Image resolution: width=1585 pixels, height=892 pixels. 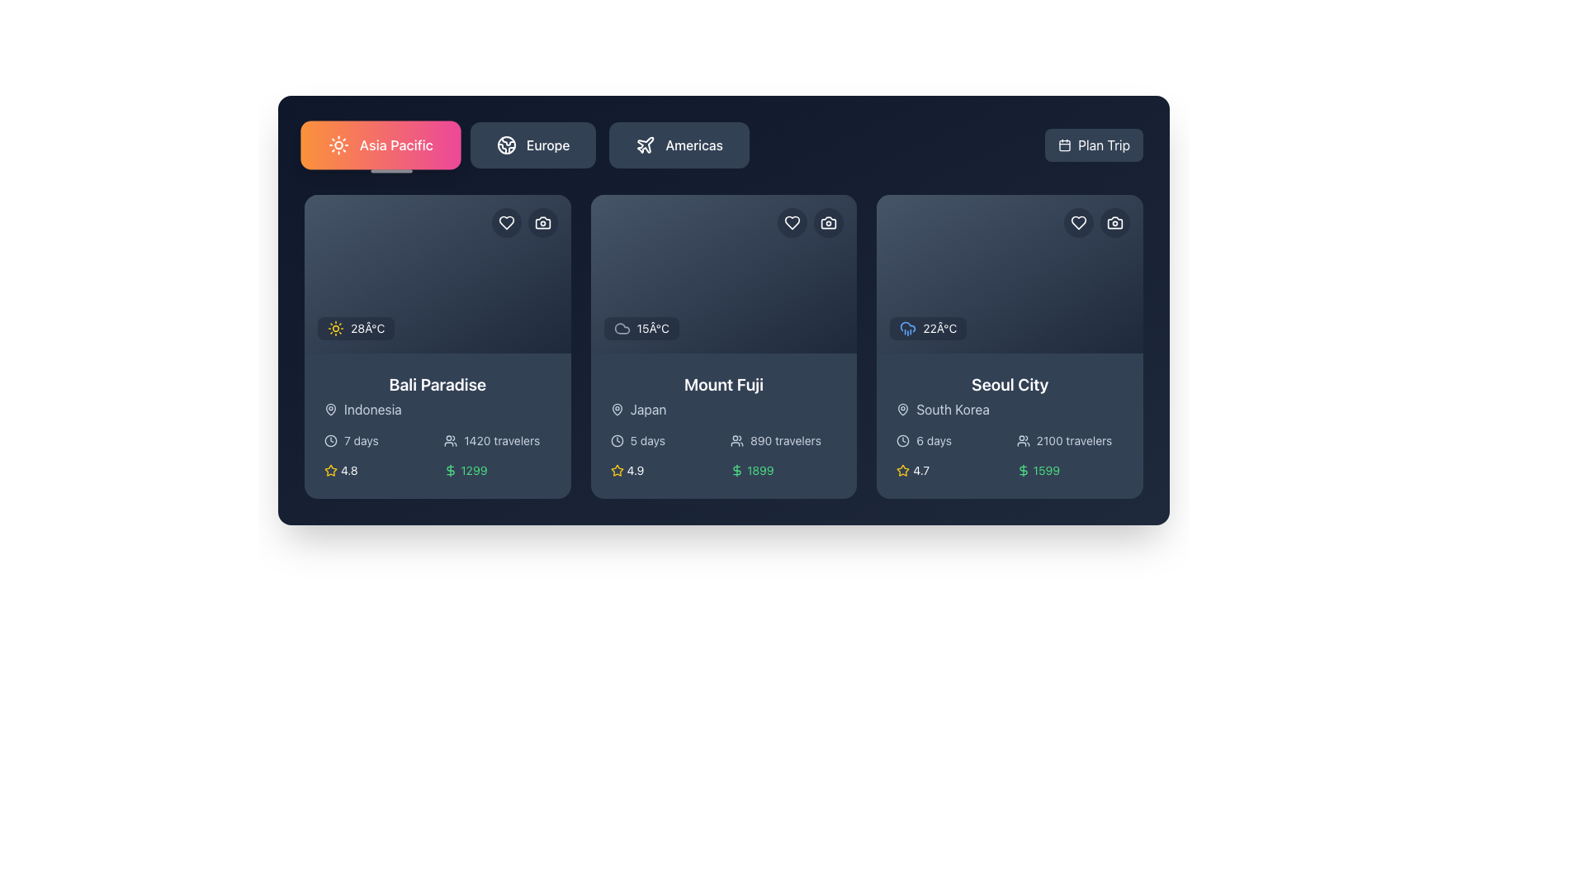 I want to click on the informational label displaying the number of travelers for the Seoul City destination, located in the bottom-right region of the Seoul City section, below the '6 days' information, so click(x=1070, y=439).